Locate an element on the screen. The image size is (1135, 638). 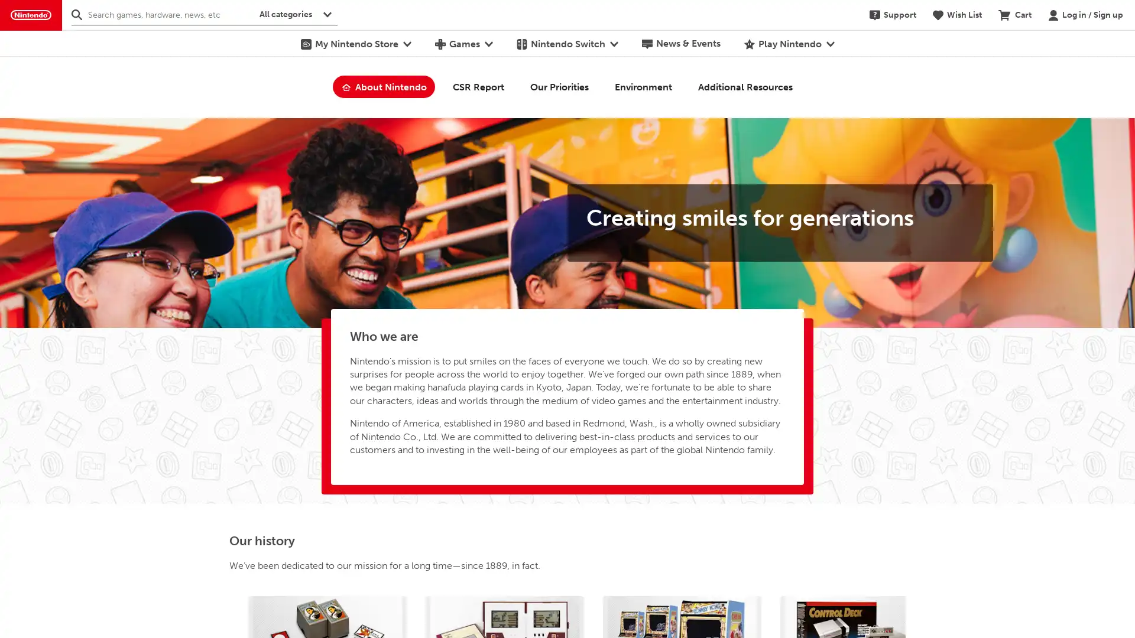
Log in / Sign up is located at coordinates (1085, 14).